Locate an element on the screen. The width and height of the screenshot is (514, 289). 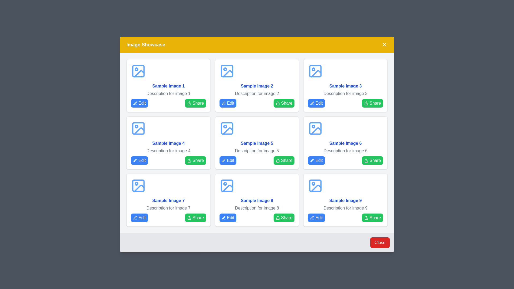
the 'Close' button to close the dialog is located at coordinates (380, 242).